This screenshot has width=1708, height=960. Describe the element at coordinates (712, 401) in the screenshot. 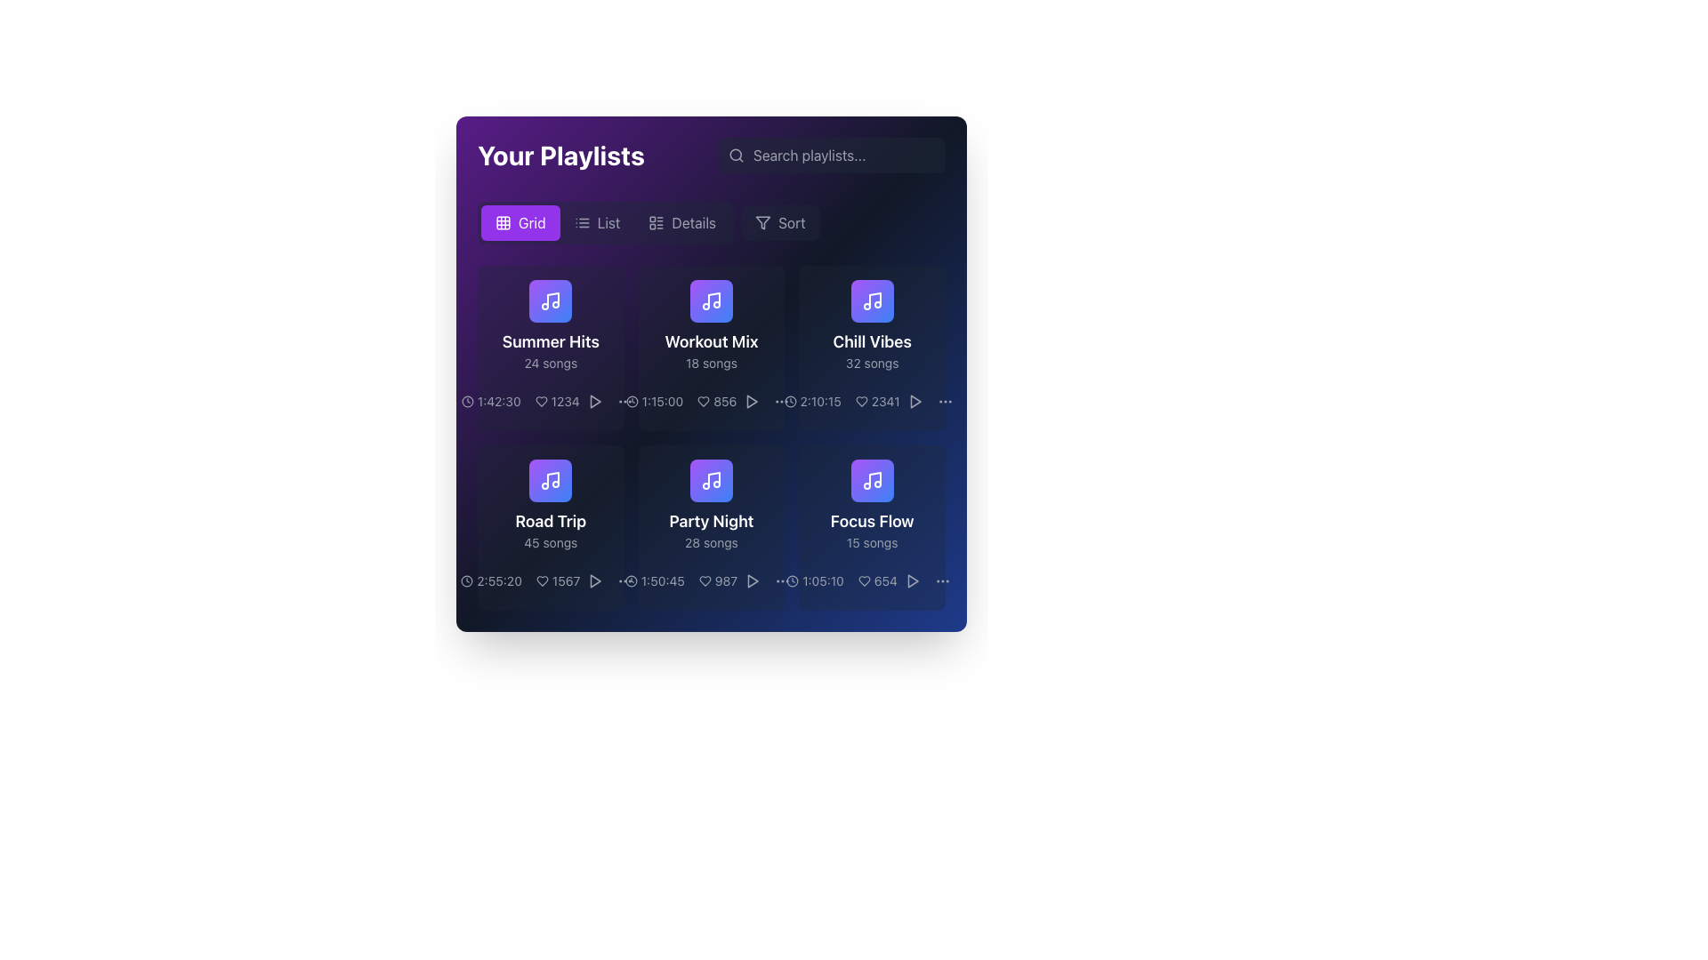

I see `like count displayed in the gray heart icon next to the 'Workout Mix' playlist, which shows '856'` at that location.